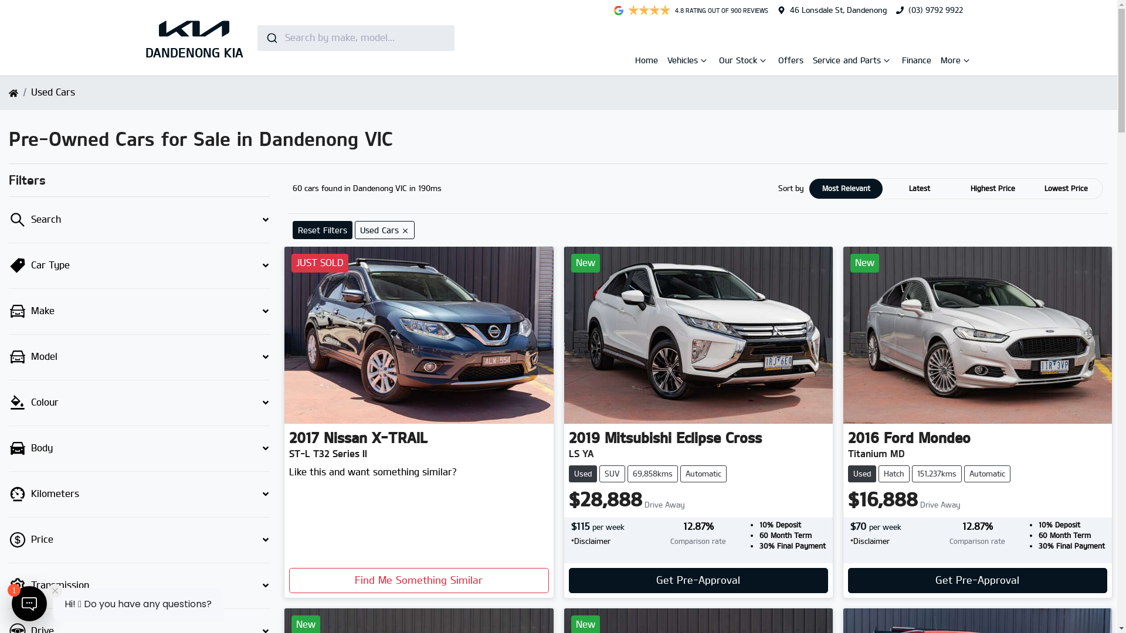  Describe the element at coordinates (140, 540) in the screenshot. I see `'Price'` at that location.